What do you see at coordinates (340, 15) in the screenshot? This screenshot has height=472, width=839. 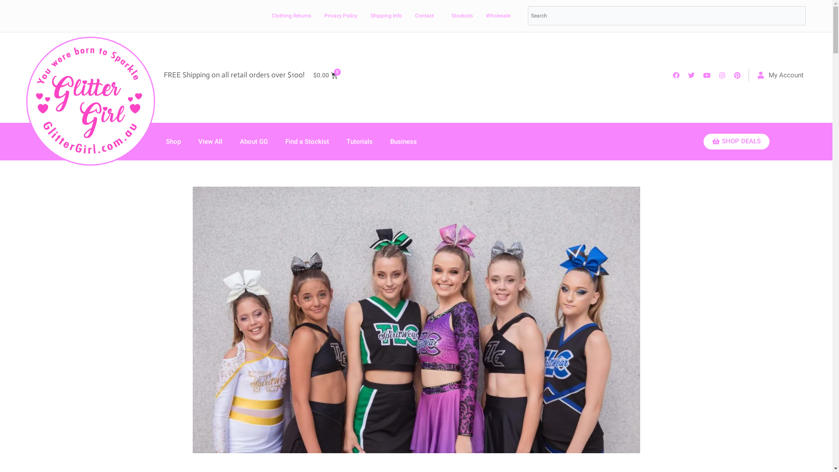 I see `'Privacy Policy'` at bounding box center [340, 15].